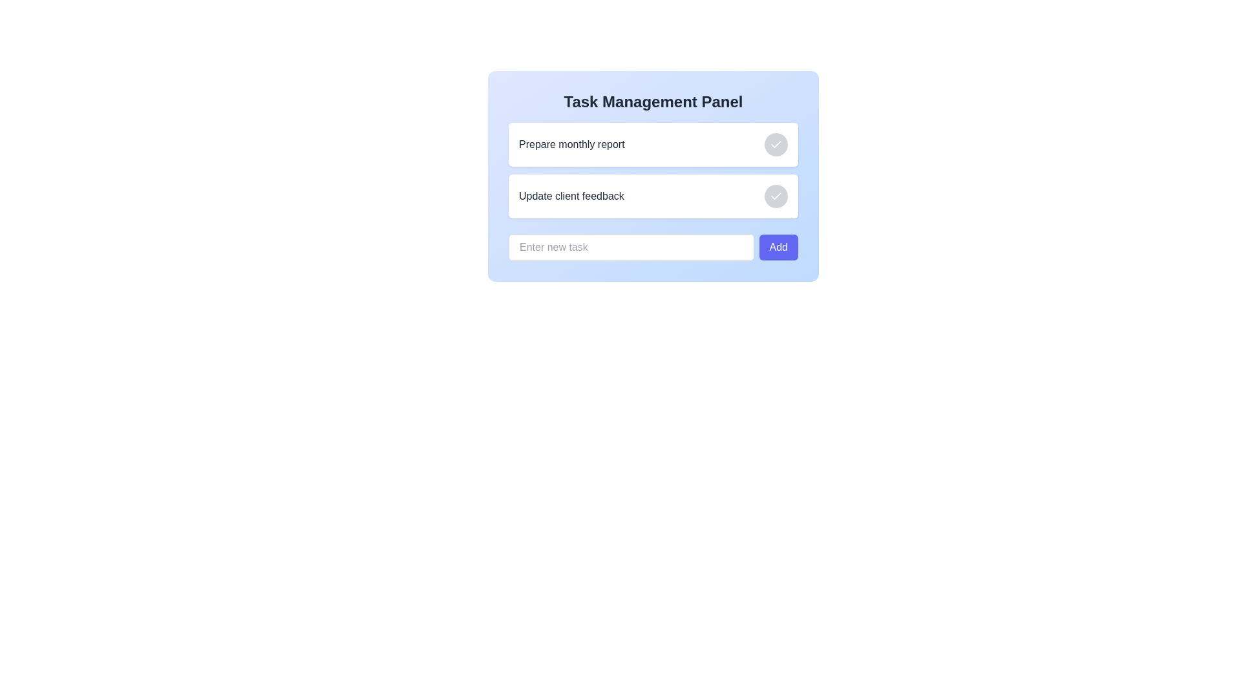  Describe the element at coordinates (571, 144) in the screenshot. I see `the static label located in the first card of the 'Task Management Panel', aligned to the left side and providing information about a task` at that location.